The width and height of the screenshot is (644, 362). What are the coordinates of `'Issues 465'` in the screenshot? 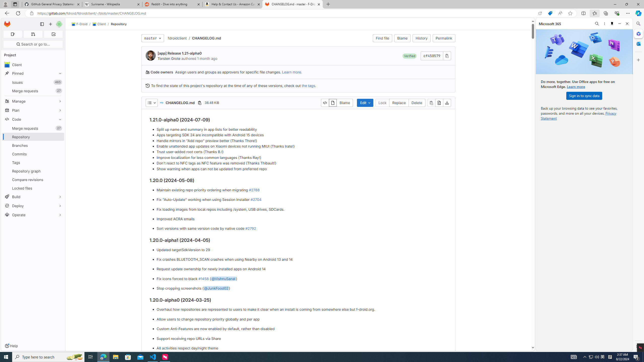 It's located at (33, 82).